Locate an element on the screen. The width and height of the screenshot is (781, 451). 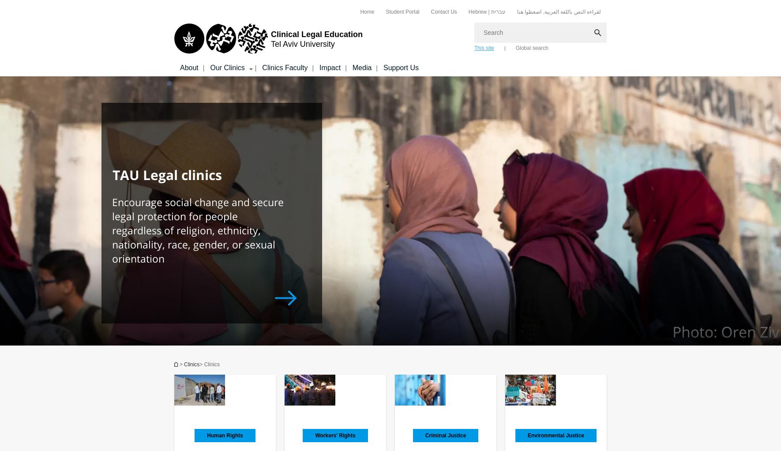
'Human Rights' is located at coordinates (225, 436).